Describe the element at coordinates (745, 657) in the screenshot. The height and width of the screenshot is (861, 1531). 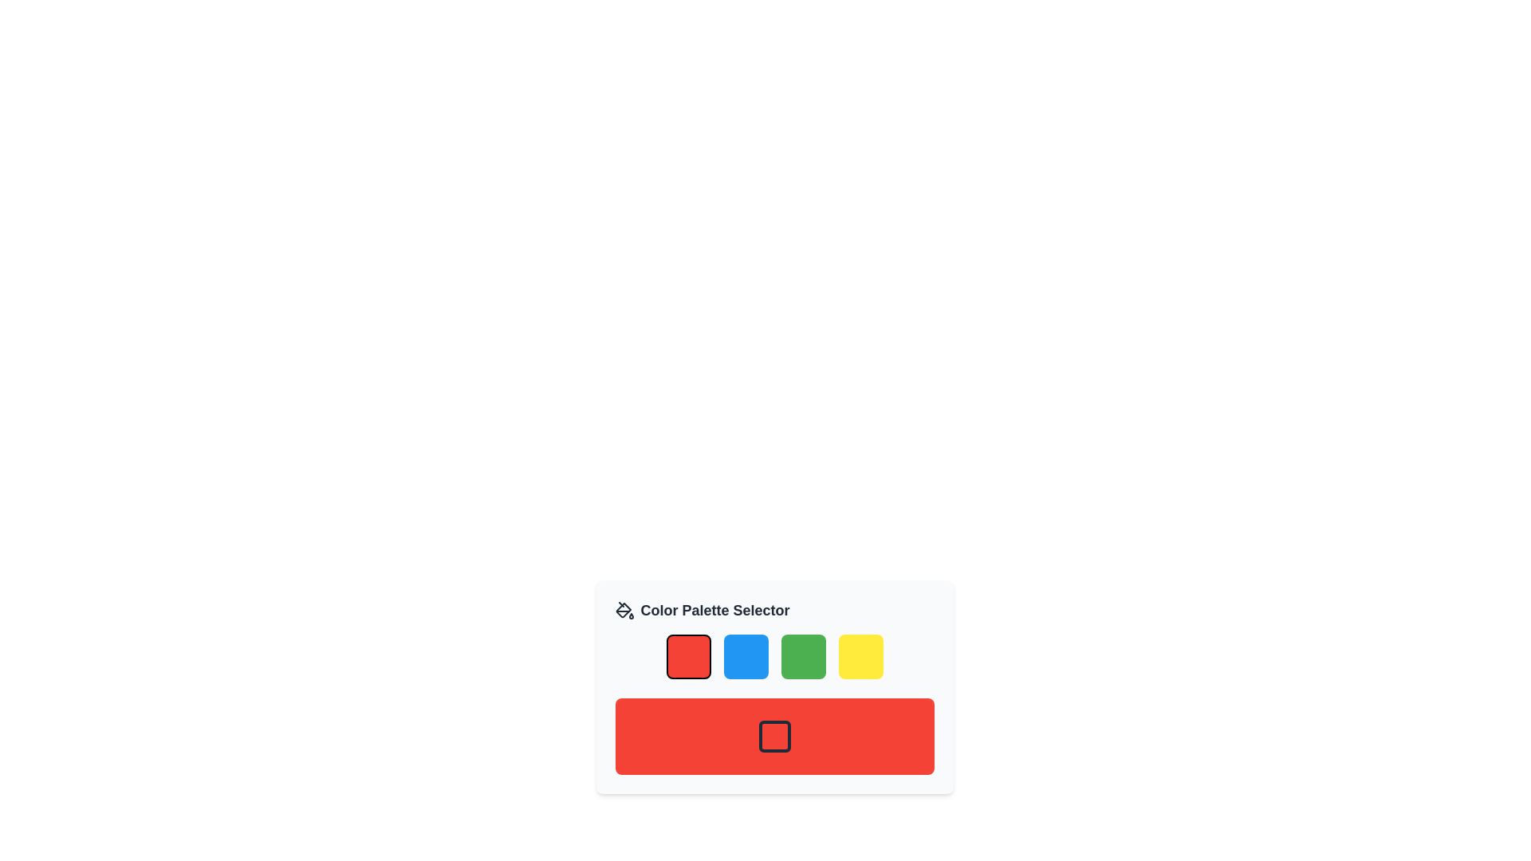
I see `the solid blue button with rounded corners that is positioned second from the left among four buttons, located below the 'Color Palette Selector' text and above a larger red rectangular button to trigger hover effects` at that location.